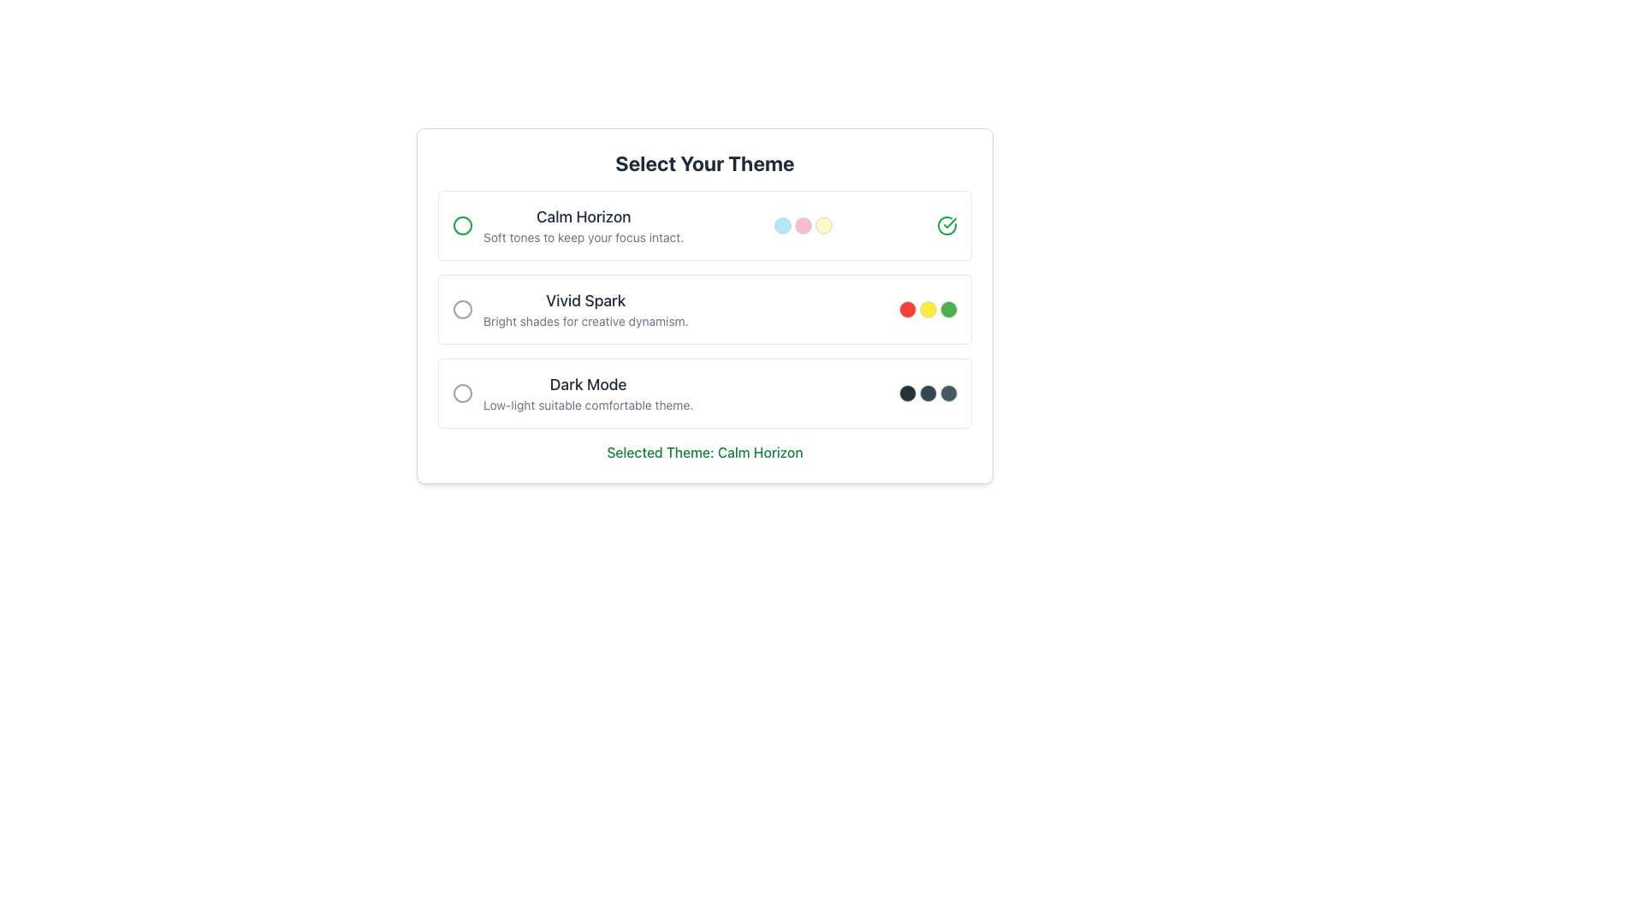  I want to click on the circular gray-bordered icon associated with the theme 'Vivid Spark', located to the left of the text 'Bright shades for creative dynamism.', so click(463, 310).